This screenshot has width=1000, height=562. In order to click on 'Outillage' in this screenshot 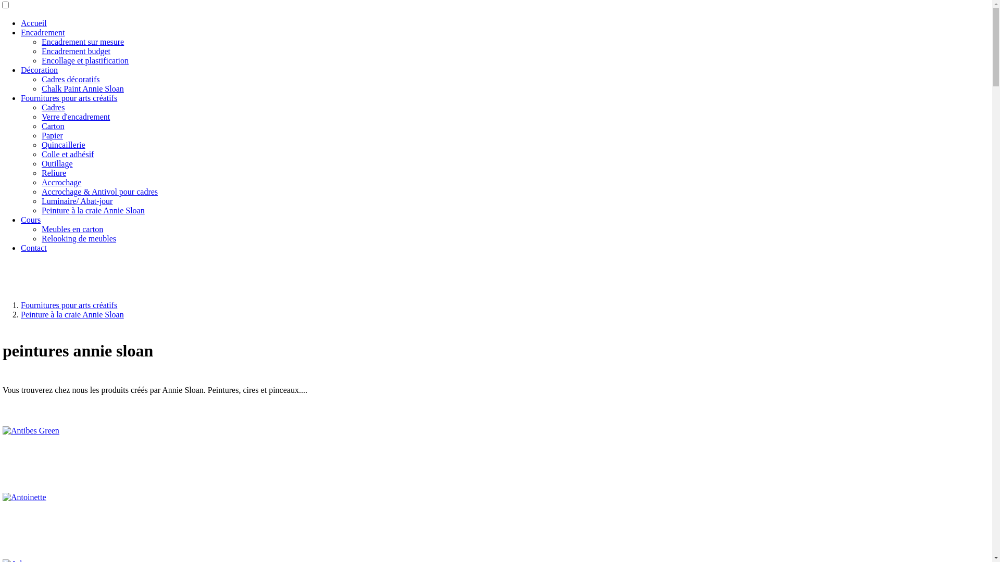, I will do `click(57, 163)`.